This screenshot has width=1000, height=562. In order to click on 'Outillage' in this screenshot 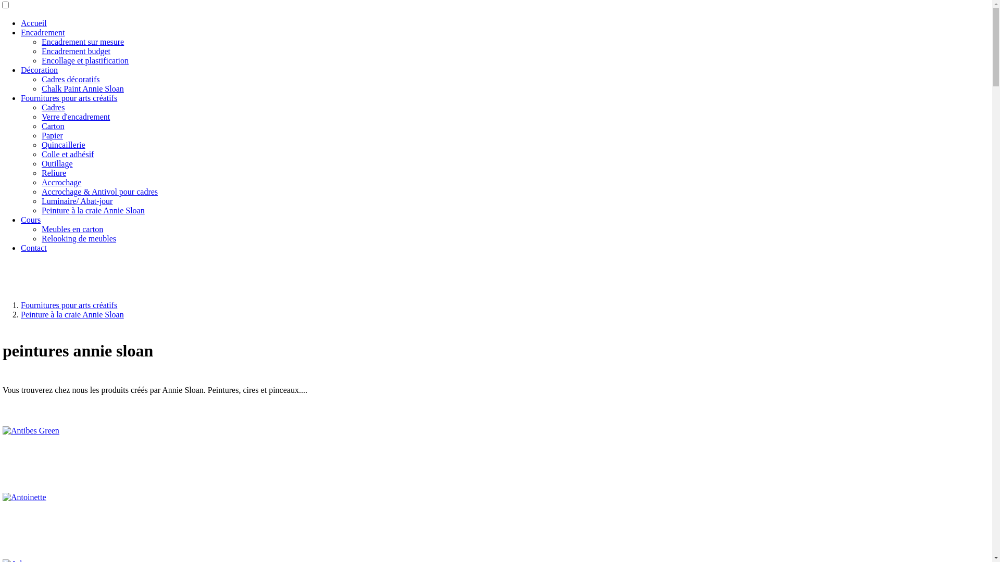, I will do `click(57, 163)`.